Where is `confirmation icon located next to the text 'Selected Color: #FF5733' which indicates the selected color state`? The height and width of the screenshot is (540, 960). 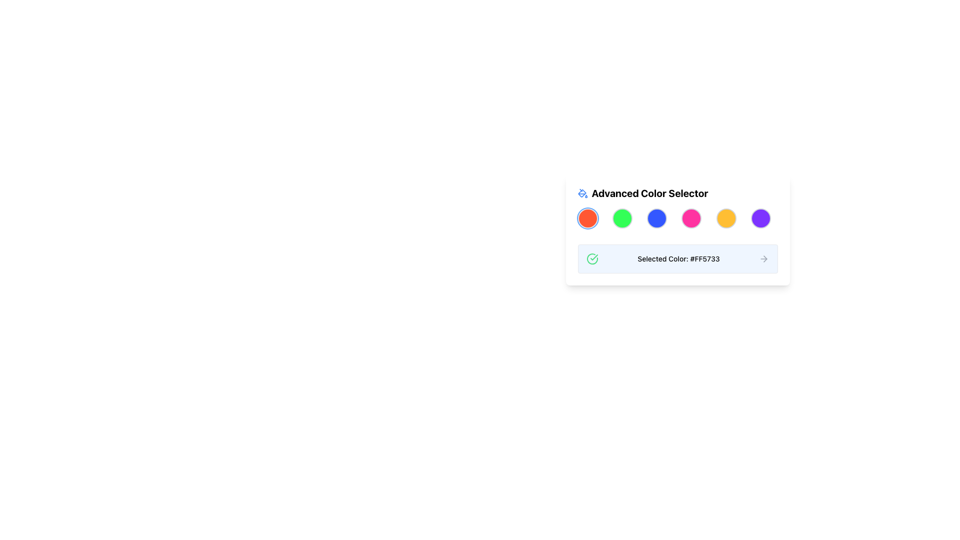
confirmation icon located next to the text 'Selected Color: #FF5733' which indicates the selected color state is located at coordinates (592, 258).